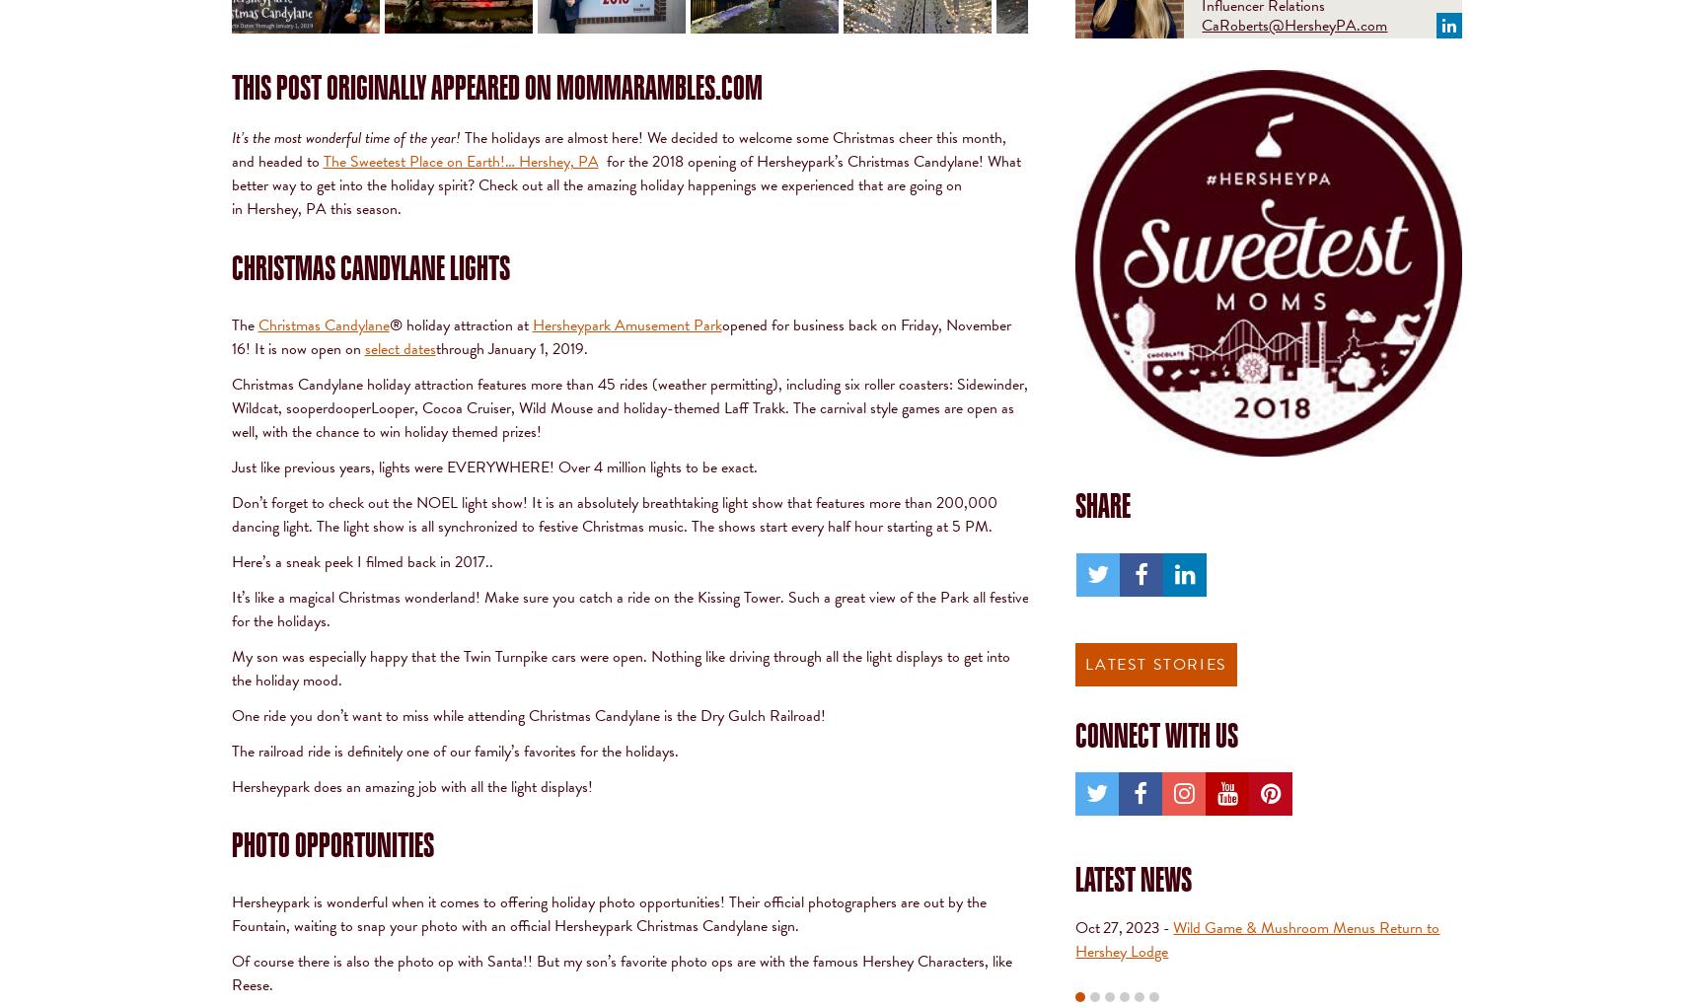 This screenshot has width=1694, height=1007. Describe the element at coordinates (511, 346) in the screenshot. I see `'through January 1, 2019.'` at that location.